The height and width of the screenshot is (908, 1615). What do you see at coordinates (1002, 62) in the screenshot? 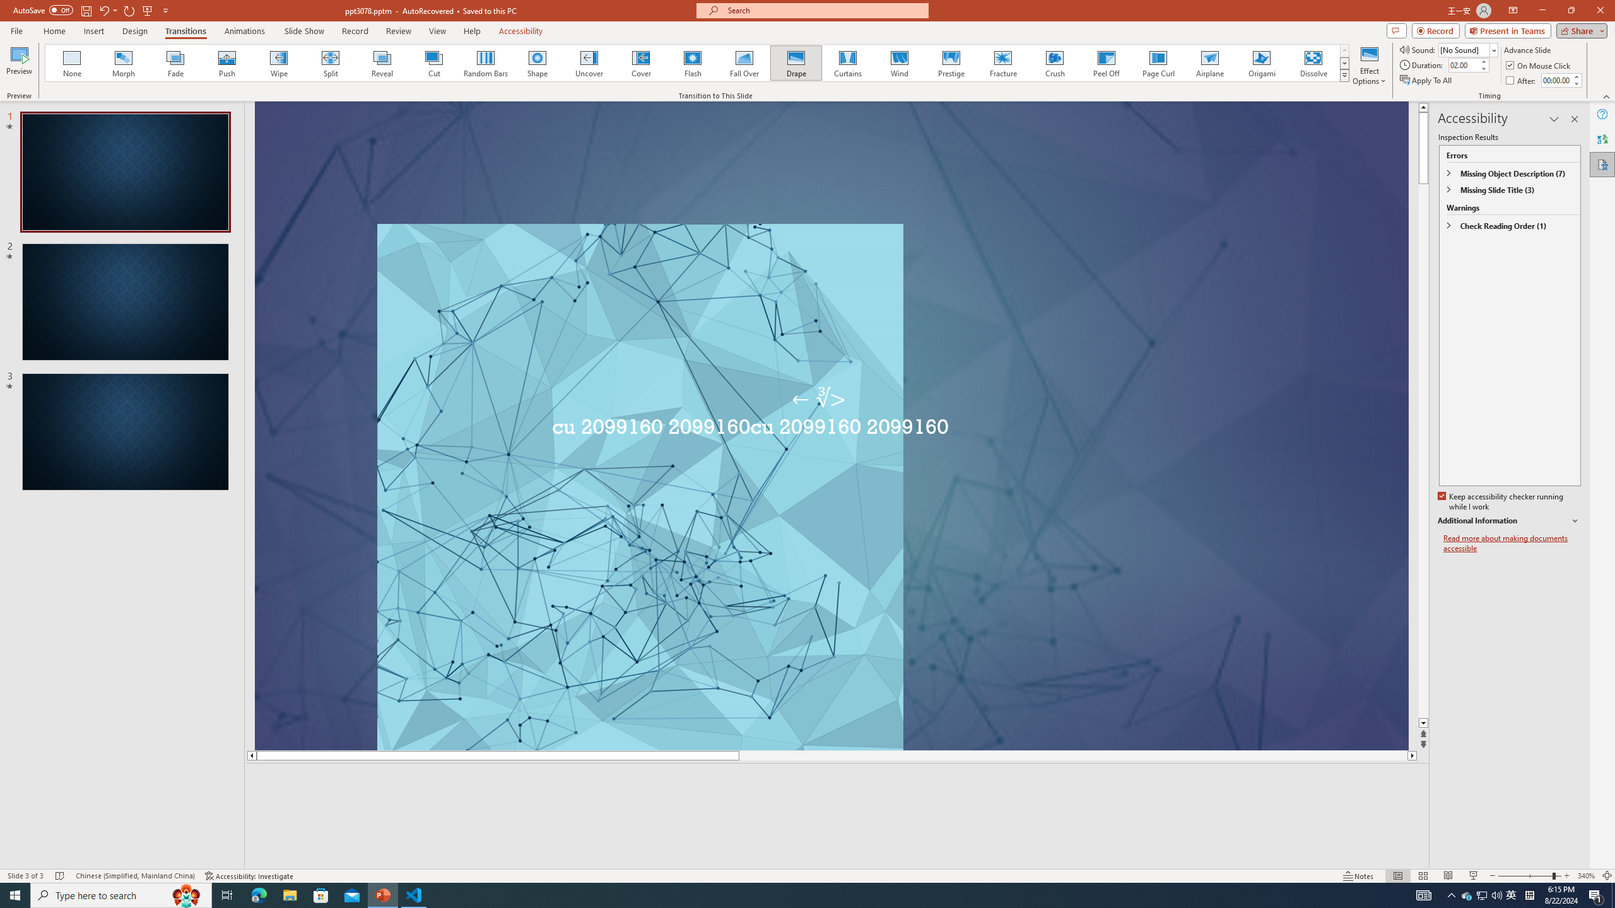
I see `'Fracture'` at bounding box center [1002, 62].